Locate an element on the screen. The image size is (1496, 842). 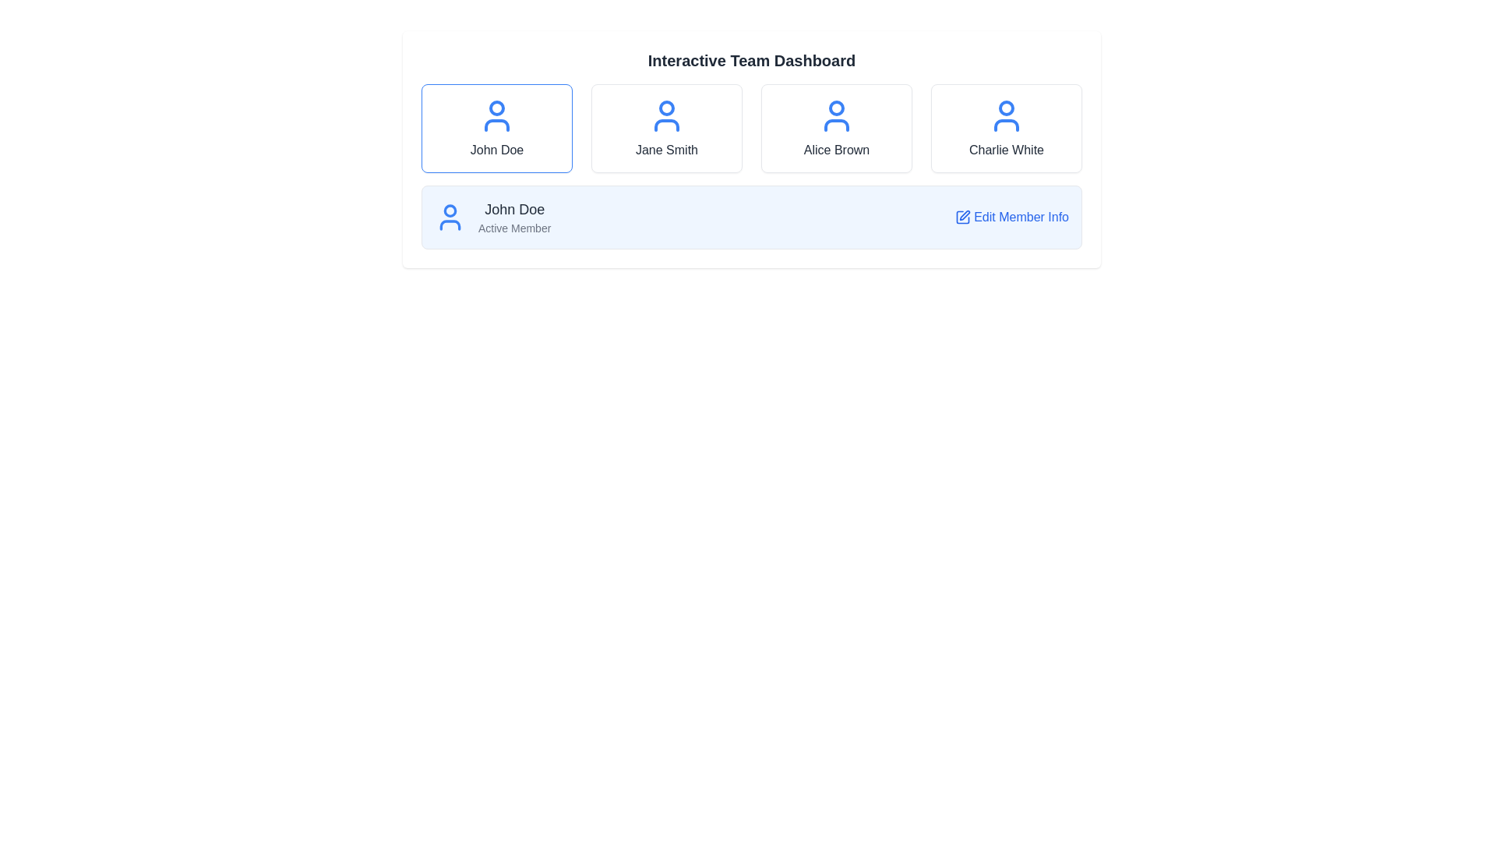
the informational display element showing 'John Doe' with the blue user silhouette icon, located in the blue-bordered section under 'Interactive Team Dashboard' is located at coordinates (492, 217).